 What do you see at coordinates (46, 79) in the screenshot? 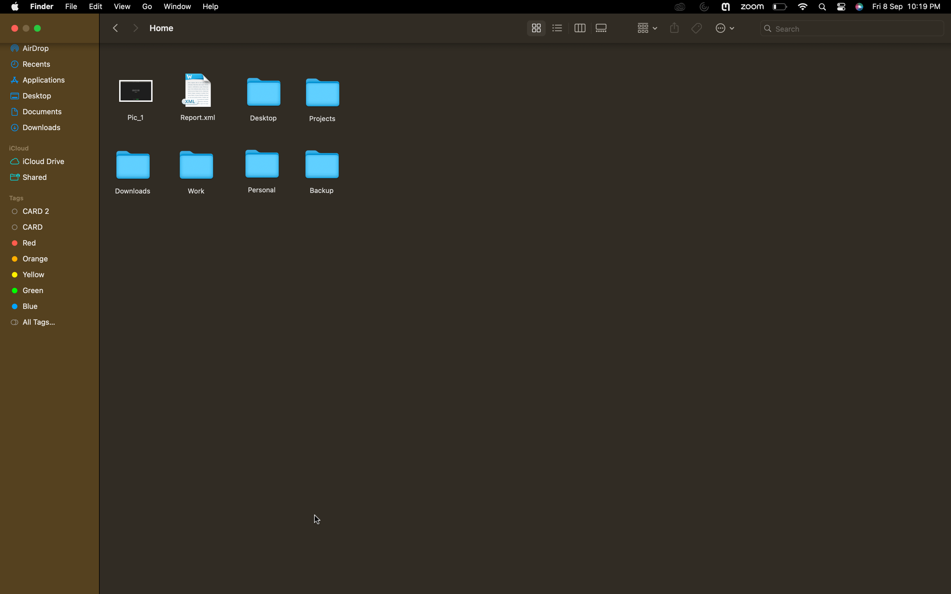
I see `the "applications" folder and scroll down to the bottom` at bounding box center [46, 79].